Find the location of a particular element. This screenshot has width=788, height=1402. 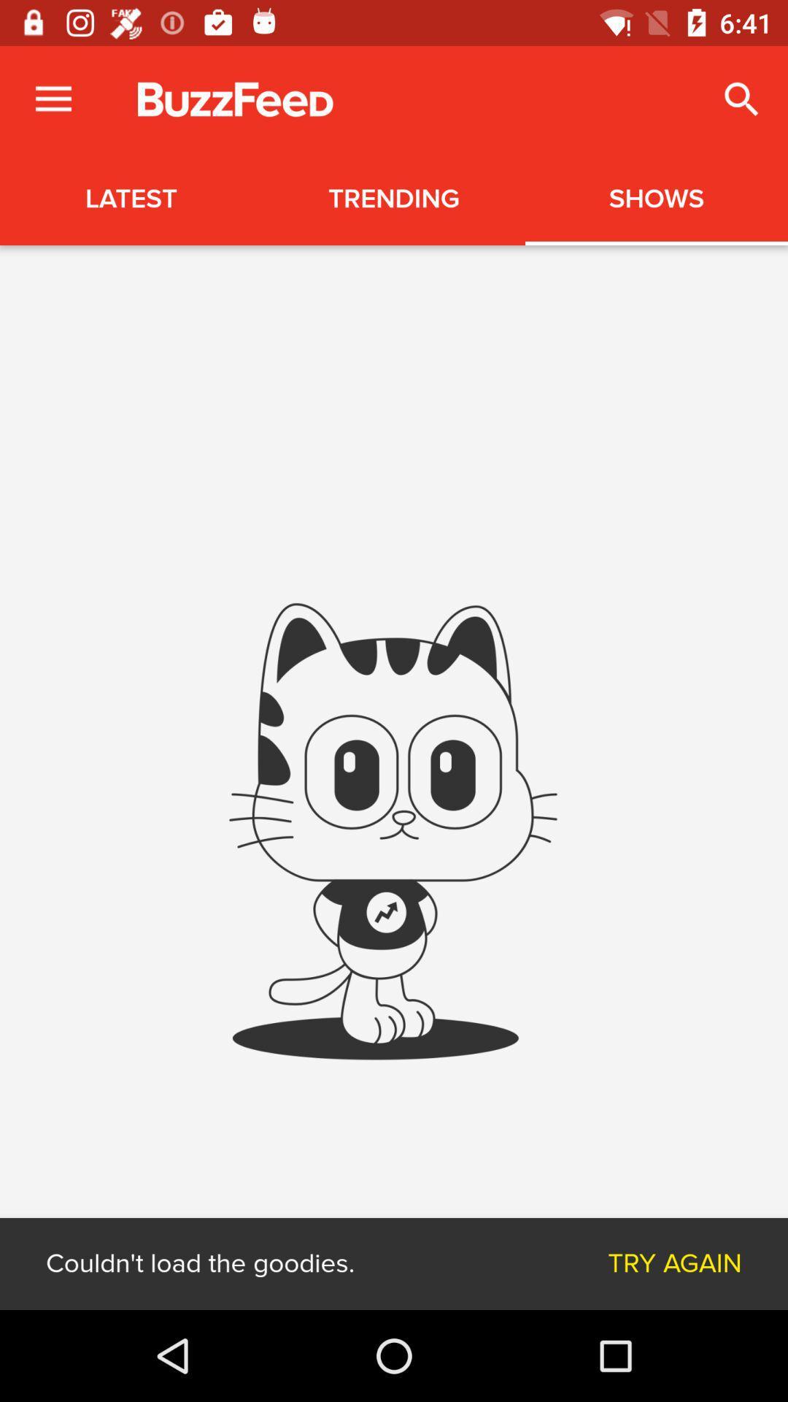

item next to couldn t load is located at coordinates (675, 1263).